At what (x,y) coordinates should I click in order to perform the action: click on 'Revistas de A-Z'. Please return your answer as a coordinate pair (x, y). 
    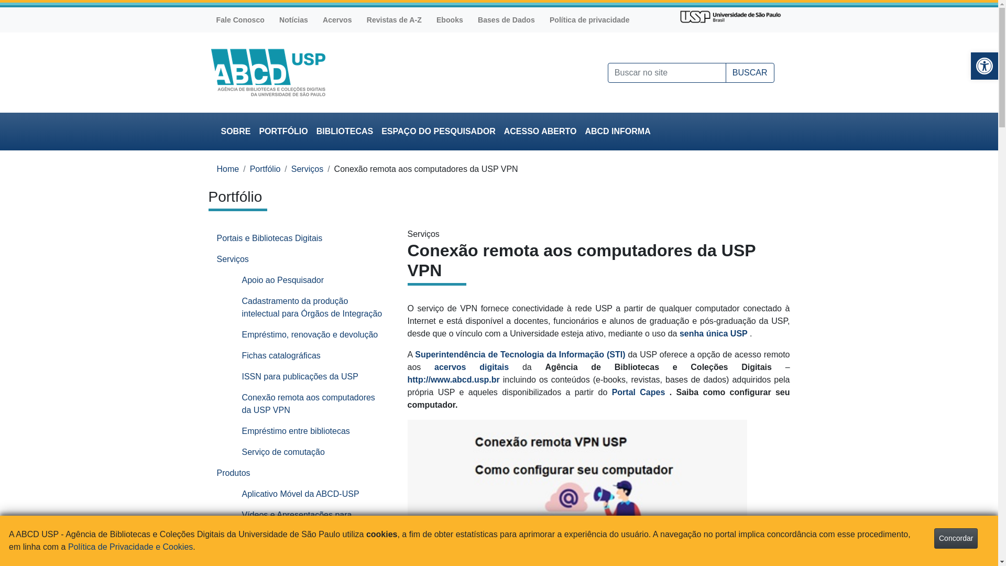
    Looking at the image, I should click on (393, 20).